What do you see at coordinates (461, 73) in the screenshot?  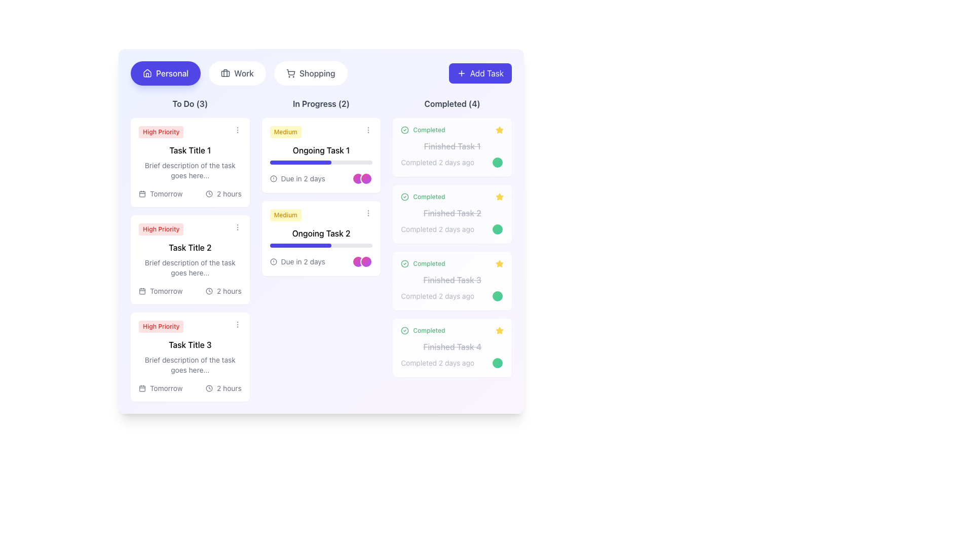 I see `the small plus sign icon that is part of the 'Add Task' button located in the top right corner of the interface` at bounding box center [461, 73].